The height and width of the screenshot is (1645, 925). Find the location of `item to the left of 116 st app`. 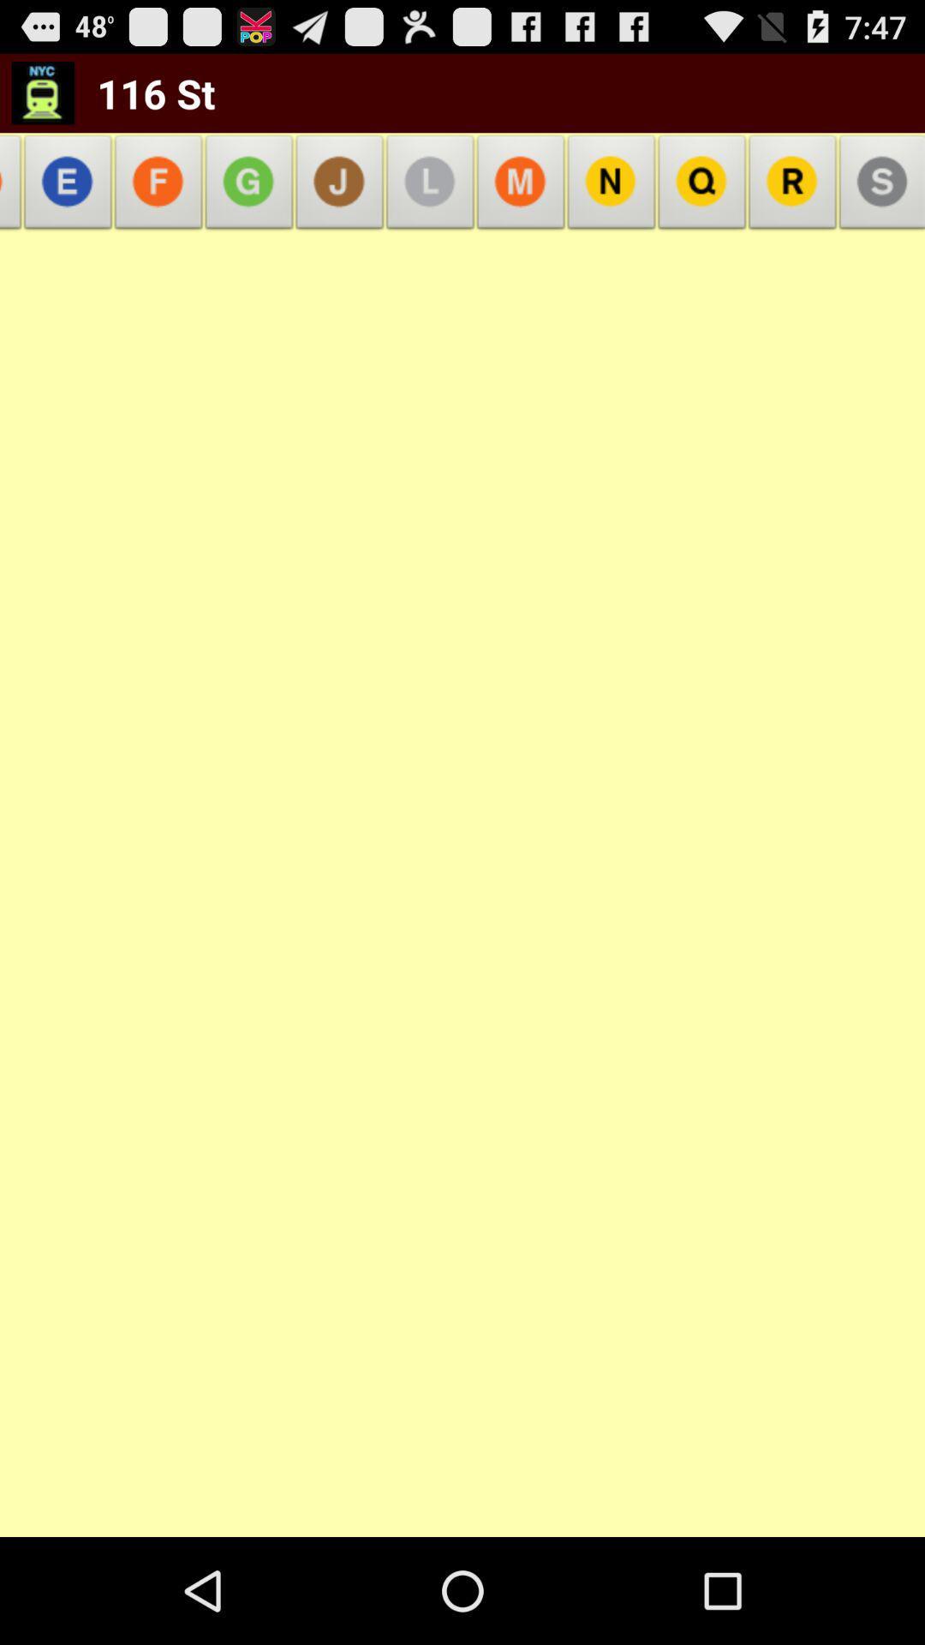

item to the left of 116 st app is located at coordinates (42, 92).